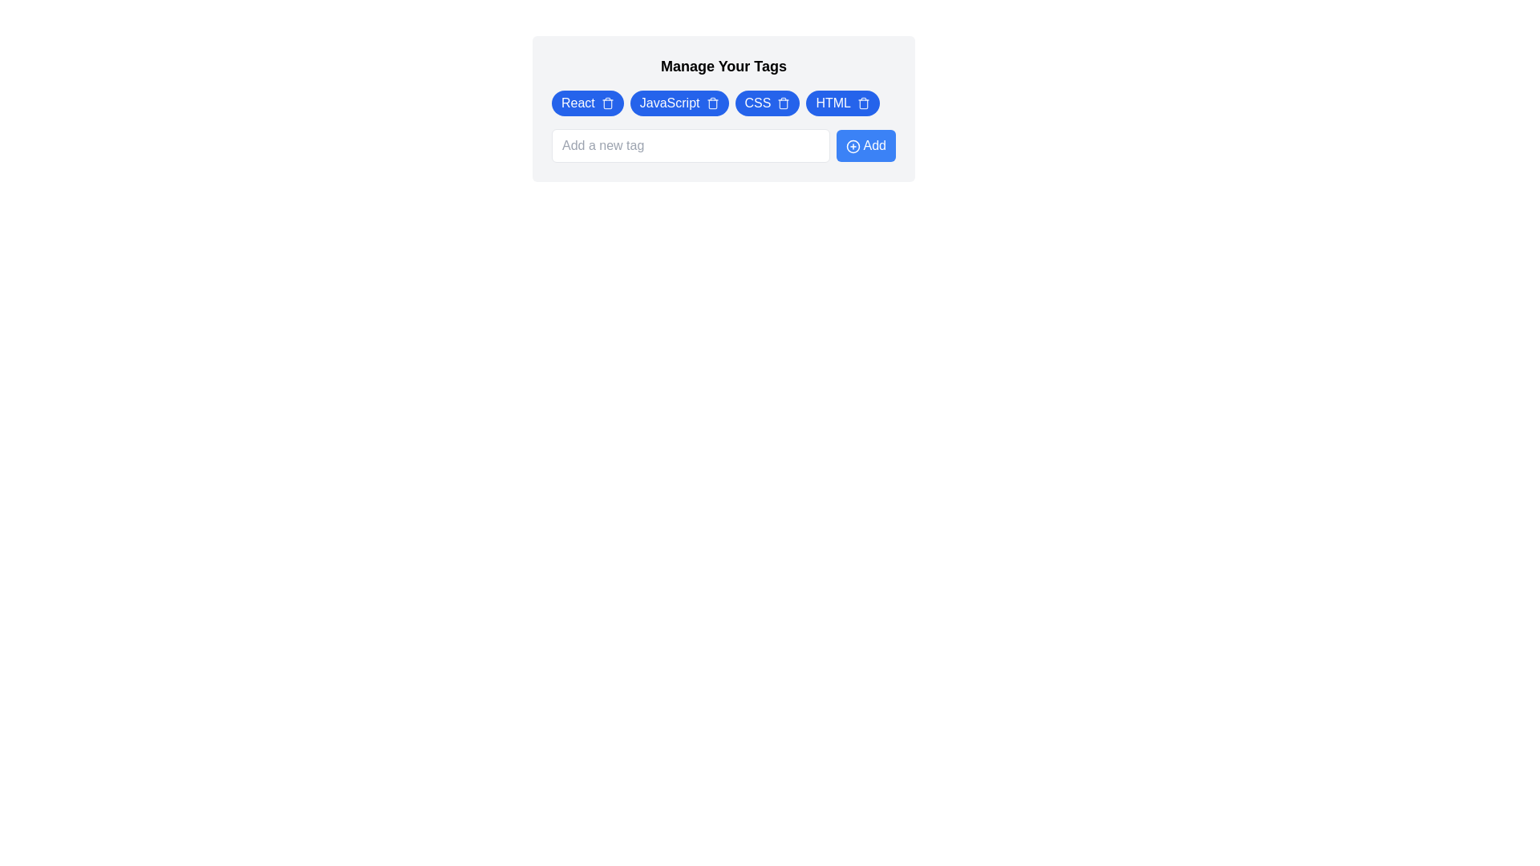  I want to click on the 'JavaScript' tag button, which is the second button in the row of tags under the 'Manage Your Tags' section, so click(679, 103).